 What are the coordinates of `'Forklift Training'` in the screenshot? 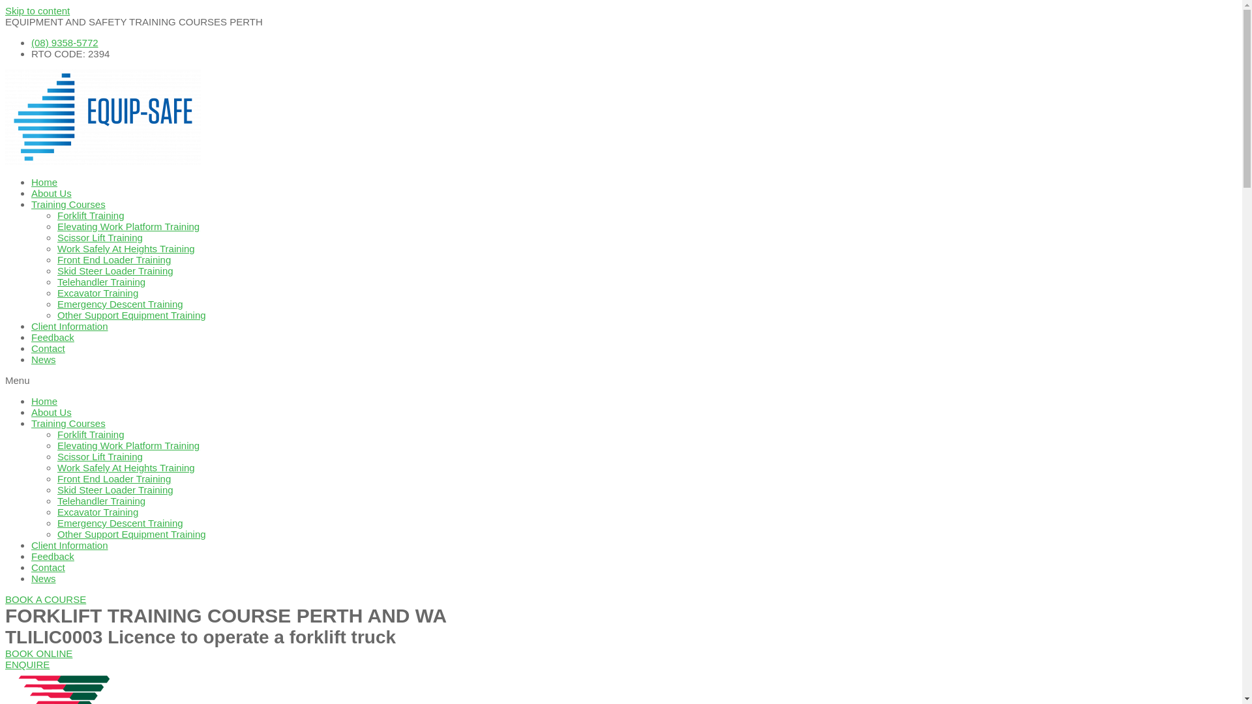 It's located at (90, 214).